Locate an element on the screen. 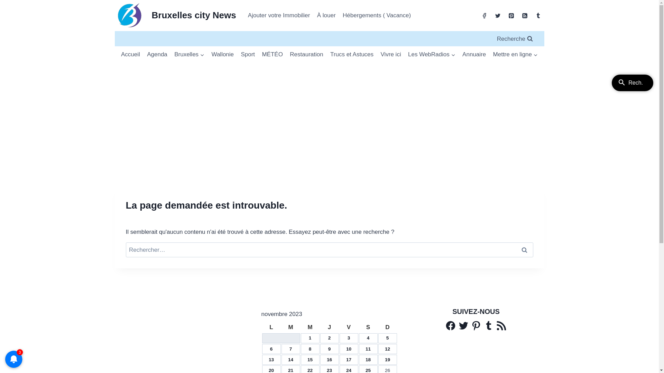  '7' is located at coordinates (290, 348).